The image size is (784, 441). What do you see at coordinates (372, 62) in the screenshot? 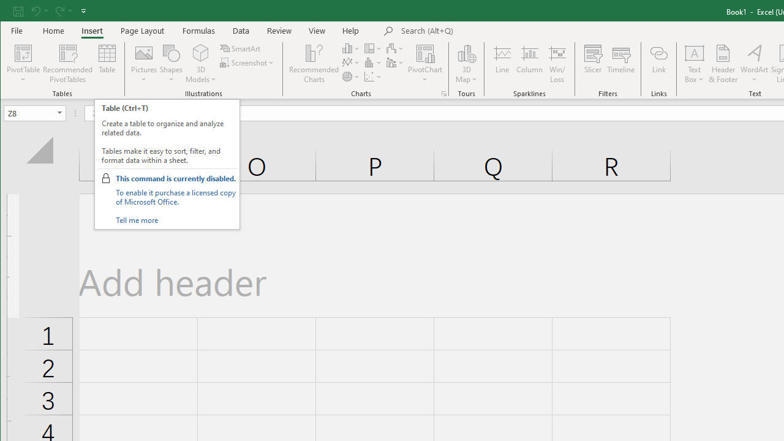
I see `'Insert Statistic Chart'` at bounding box center [372, 62].